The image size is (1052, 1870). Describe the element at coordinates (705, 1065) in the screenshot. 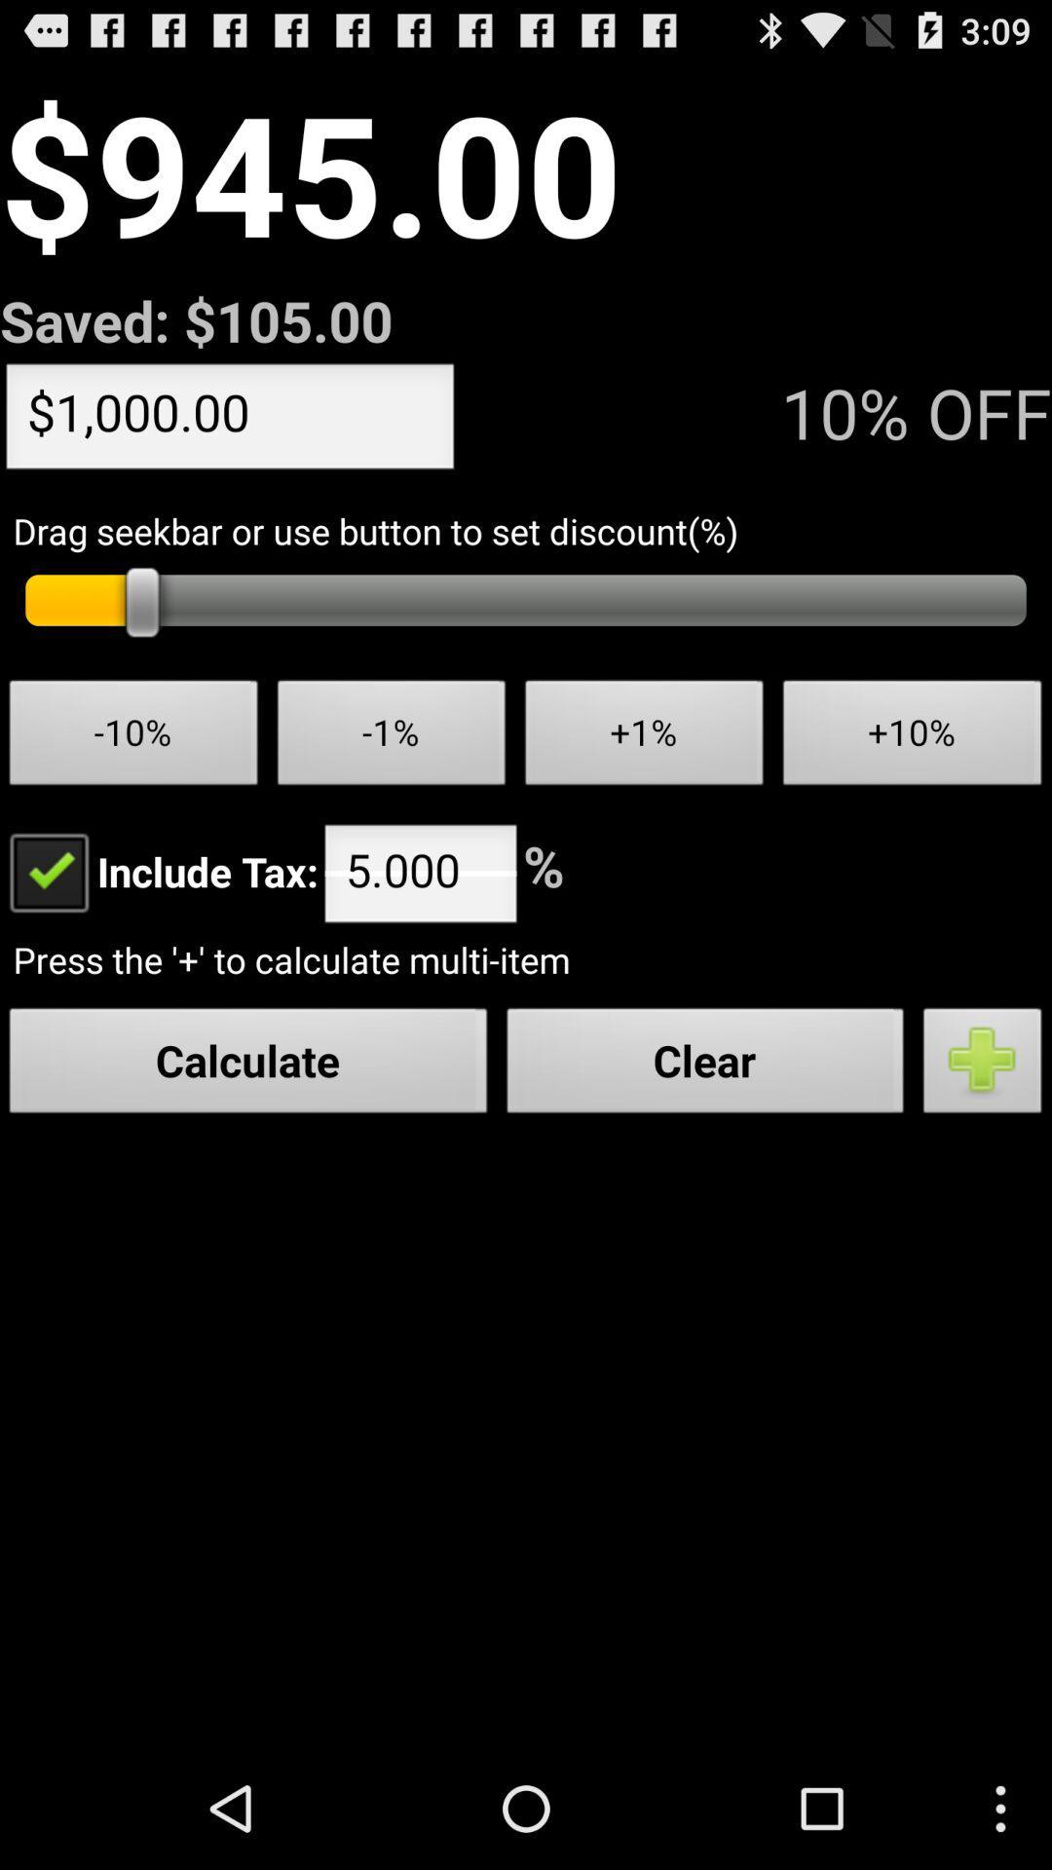

I see `the button to the right of calculate item` at that location.